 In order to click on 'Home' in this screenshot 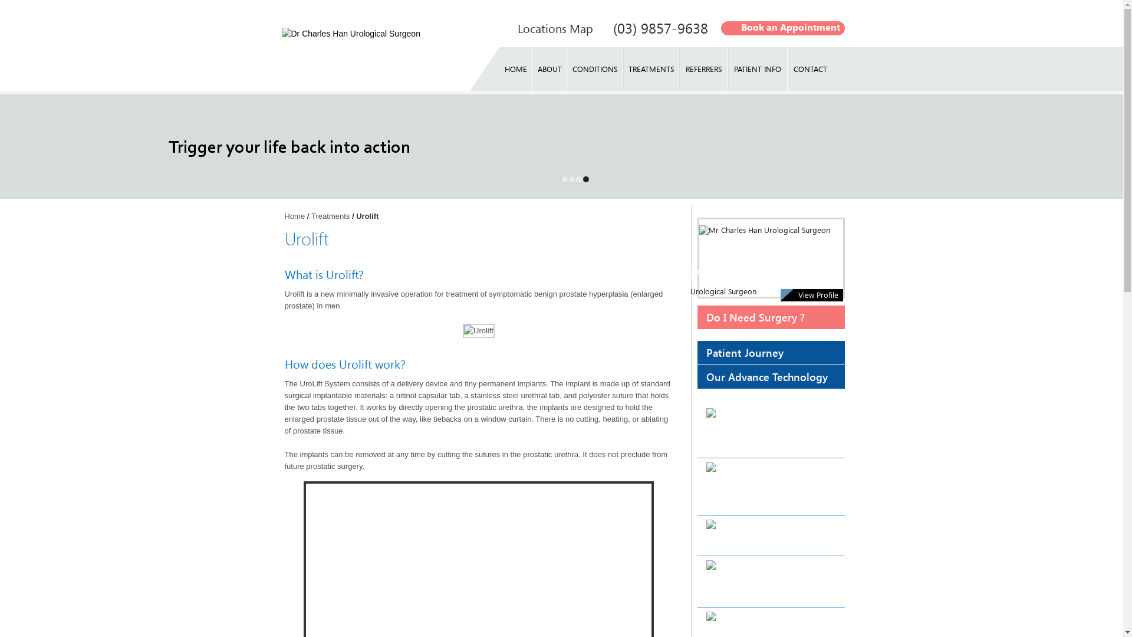, I will do `click(294, 216)`.